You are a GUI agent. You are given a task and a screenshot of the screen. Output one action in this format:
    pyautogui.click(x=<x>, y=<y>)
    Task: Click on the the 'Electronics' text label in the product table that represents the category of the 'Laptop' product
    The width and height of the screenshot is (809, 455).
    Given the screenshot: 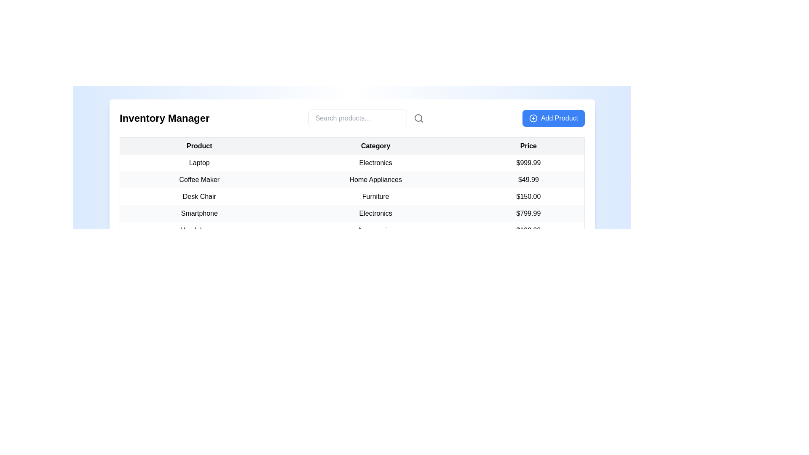 What is the action you would take?
    pyautogui.click(x=375, y=163)
    